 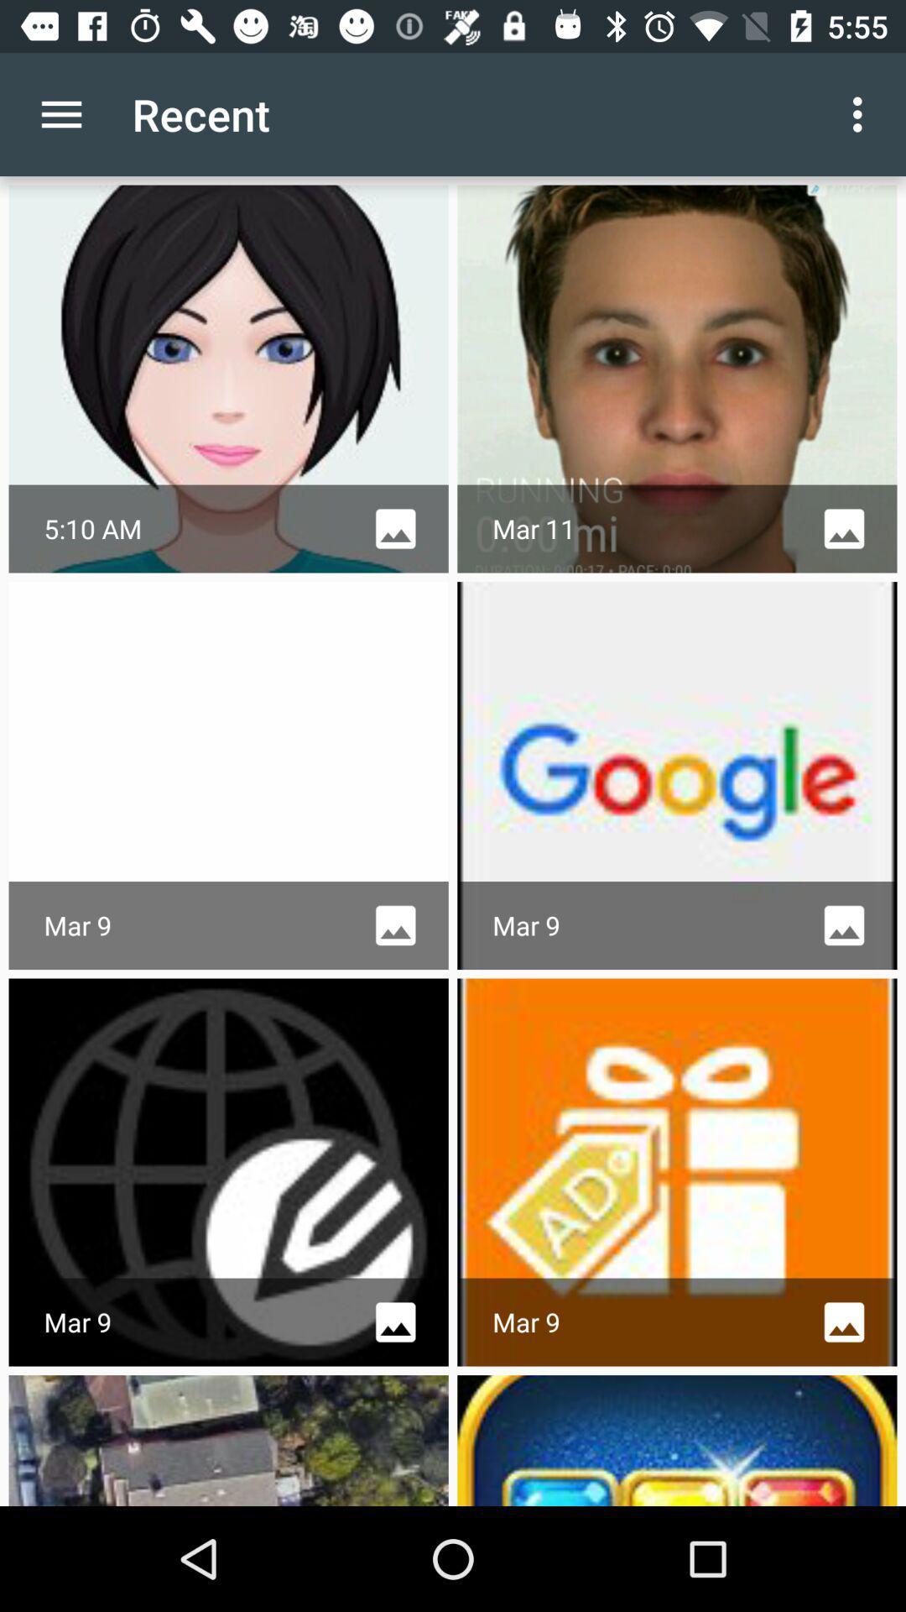 I want to click on the item next to recent item, so click(x=60, y=113).